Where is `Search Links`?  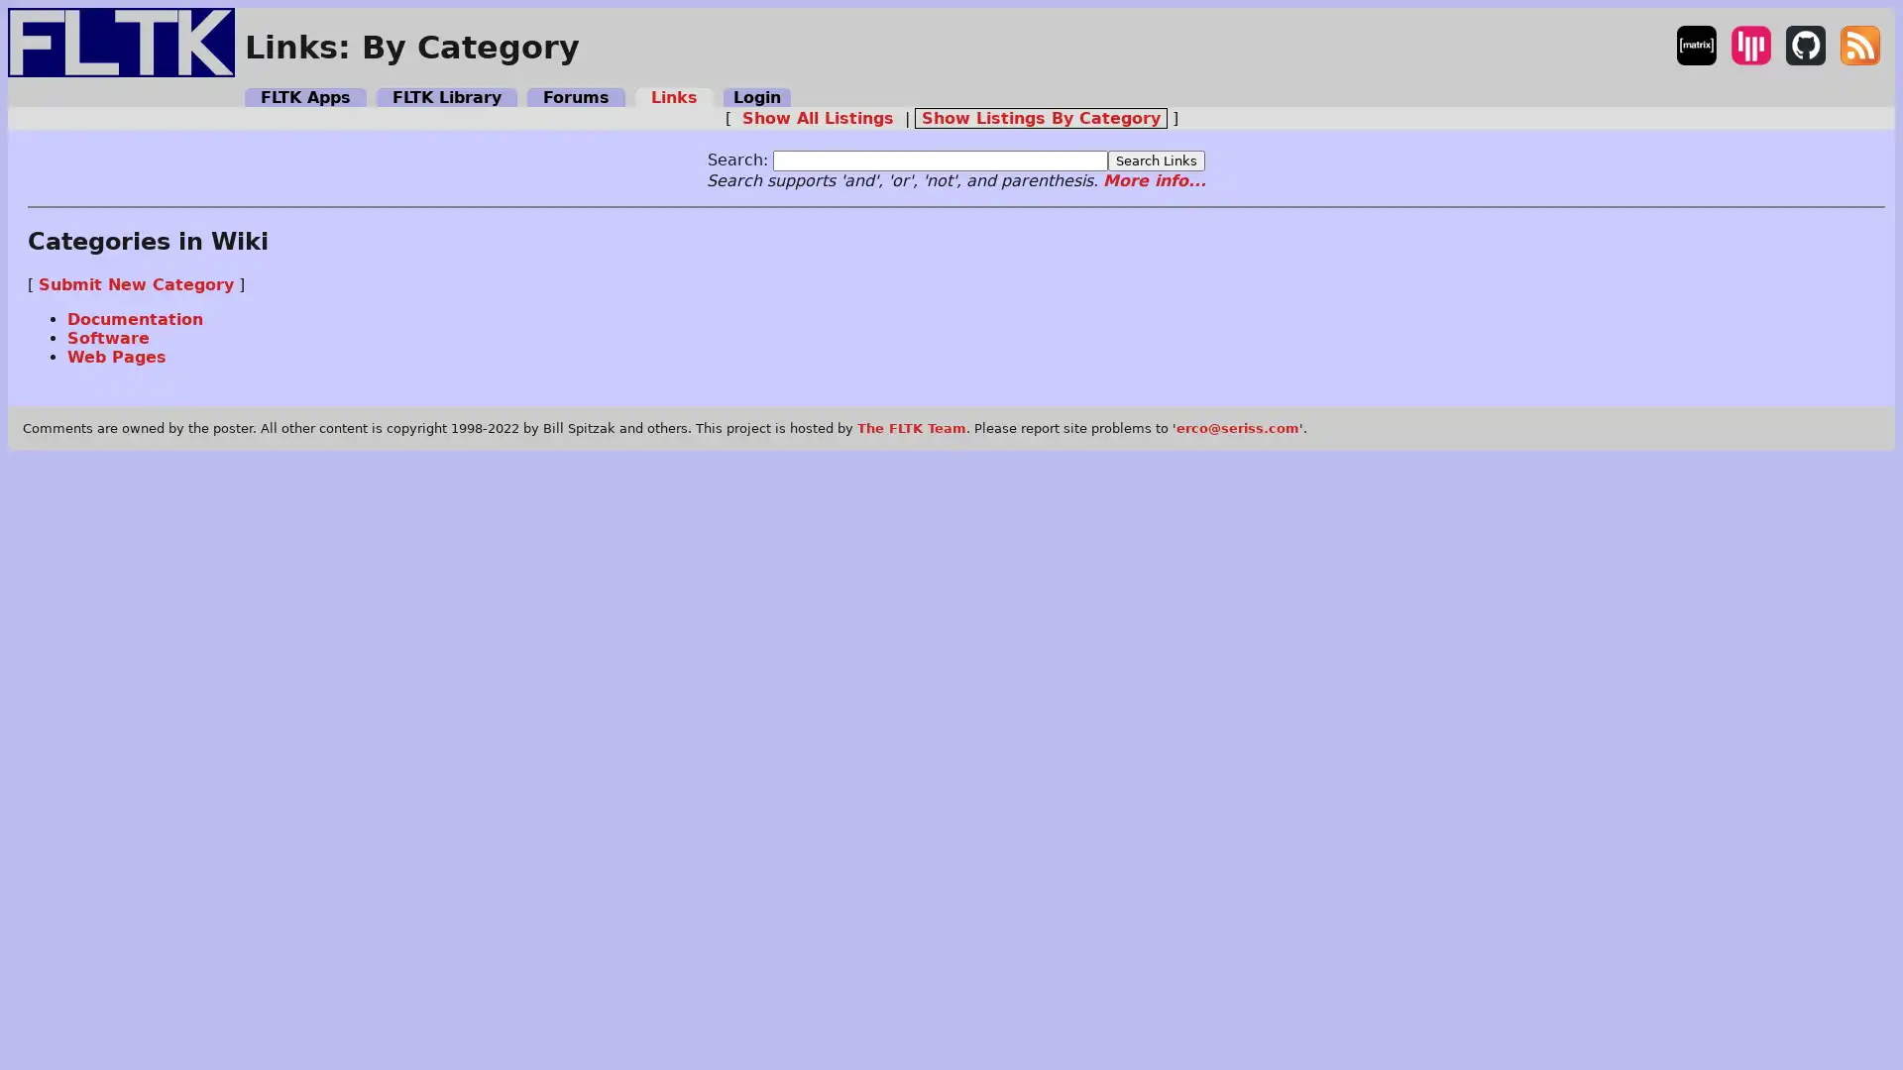
Search Links is located at coordinates (1156, 159).